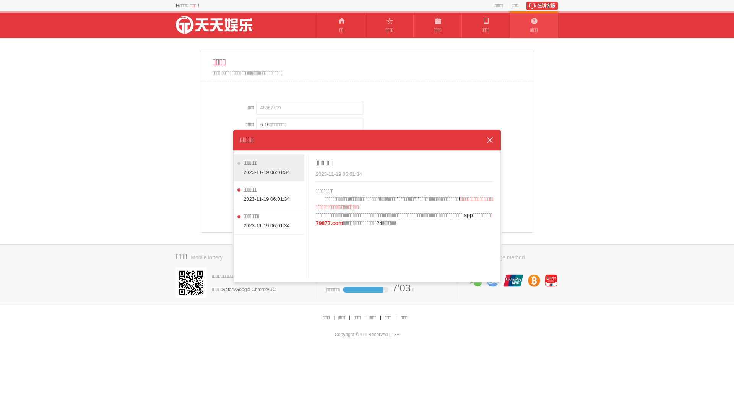  Describe the element at coordinates (396, 318) in the screenshot. I see `'|'` at that location.